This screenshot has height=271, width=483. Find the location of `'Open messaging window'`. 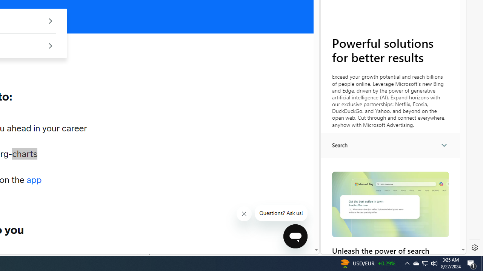

'Open messaging window' is located at coordinates (295, 236).